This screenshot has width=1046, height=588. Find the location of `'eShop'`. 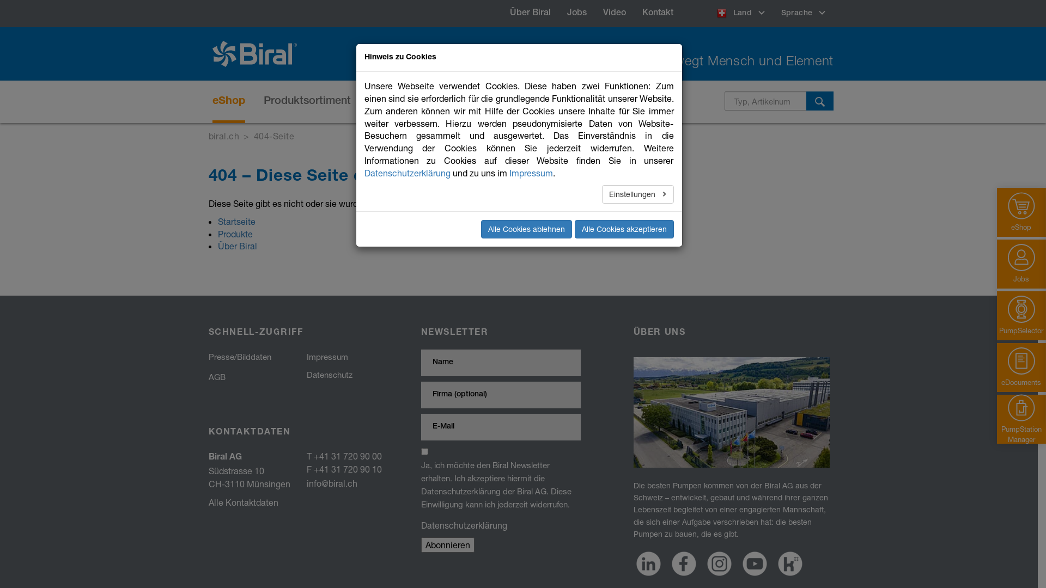

'eShop' is located at coordinates (228, 101).